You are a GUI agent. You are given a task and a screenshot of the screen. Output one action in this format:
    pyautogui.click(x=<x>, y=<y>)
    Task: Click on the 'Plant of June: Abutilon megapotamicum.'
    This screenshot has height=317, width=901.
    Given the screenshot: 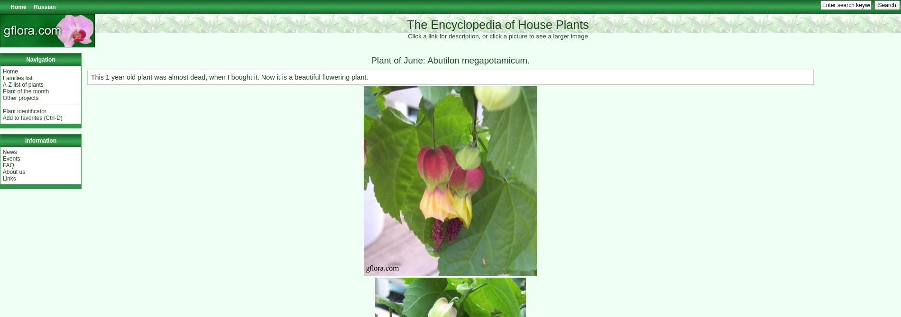 What is the action you would take?
    pyautogui.click(x=450, y=60)
    